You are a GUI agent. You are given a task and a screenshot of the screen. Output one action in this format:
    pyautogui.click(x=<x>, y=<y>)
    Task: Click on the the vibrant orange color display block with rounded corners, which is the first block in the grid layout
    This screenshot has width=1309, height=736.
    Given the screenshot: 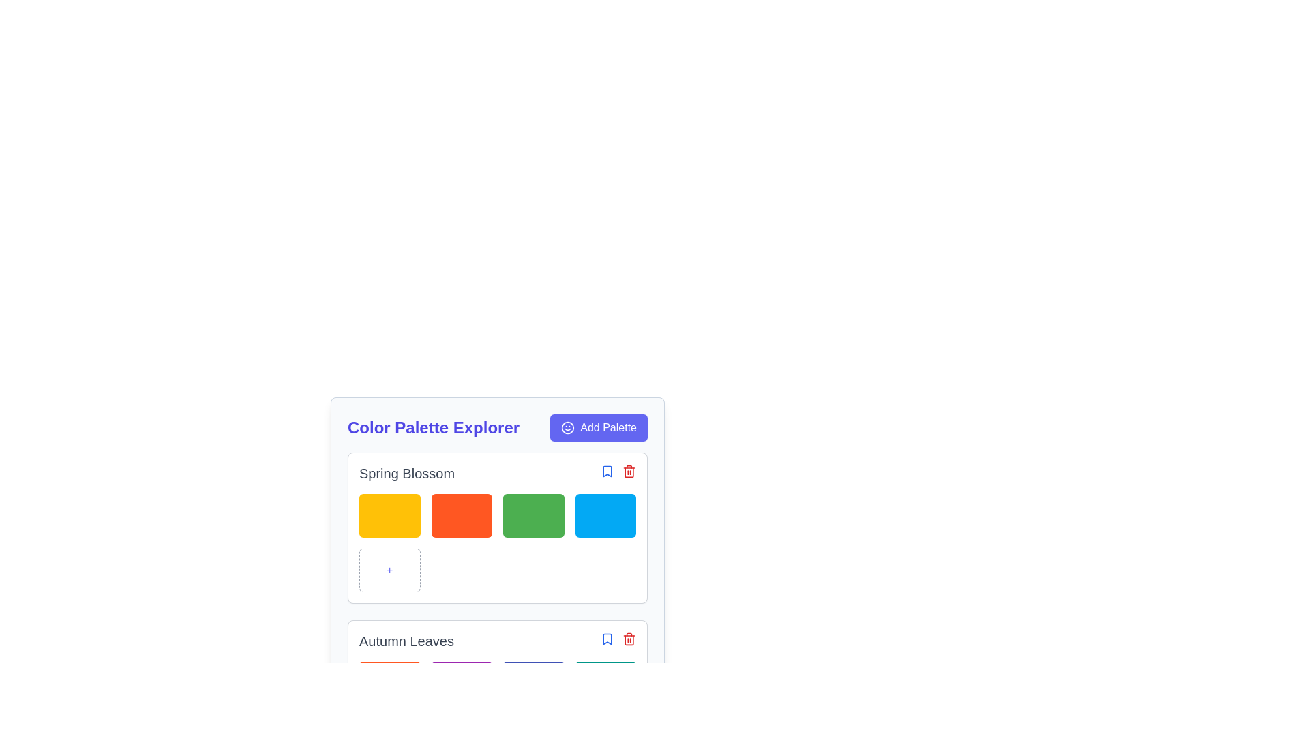 What is the action you would take?
    pyautogui.click(x=389, y=683)
    